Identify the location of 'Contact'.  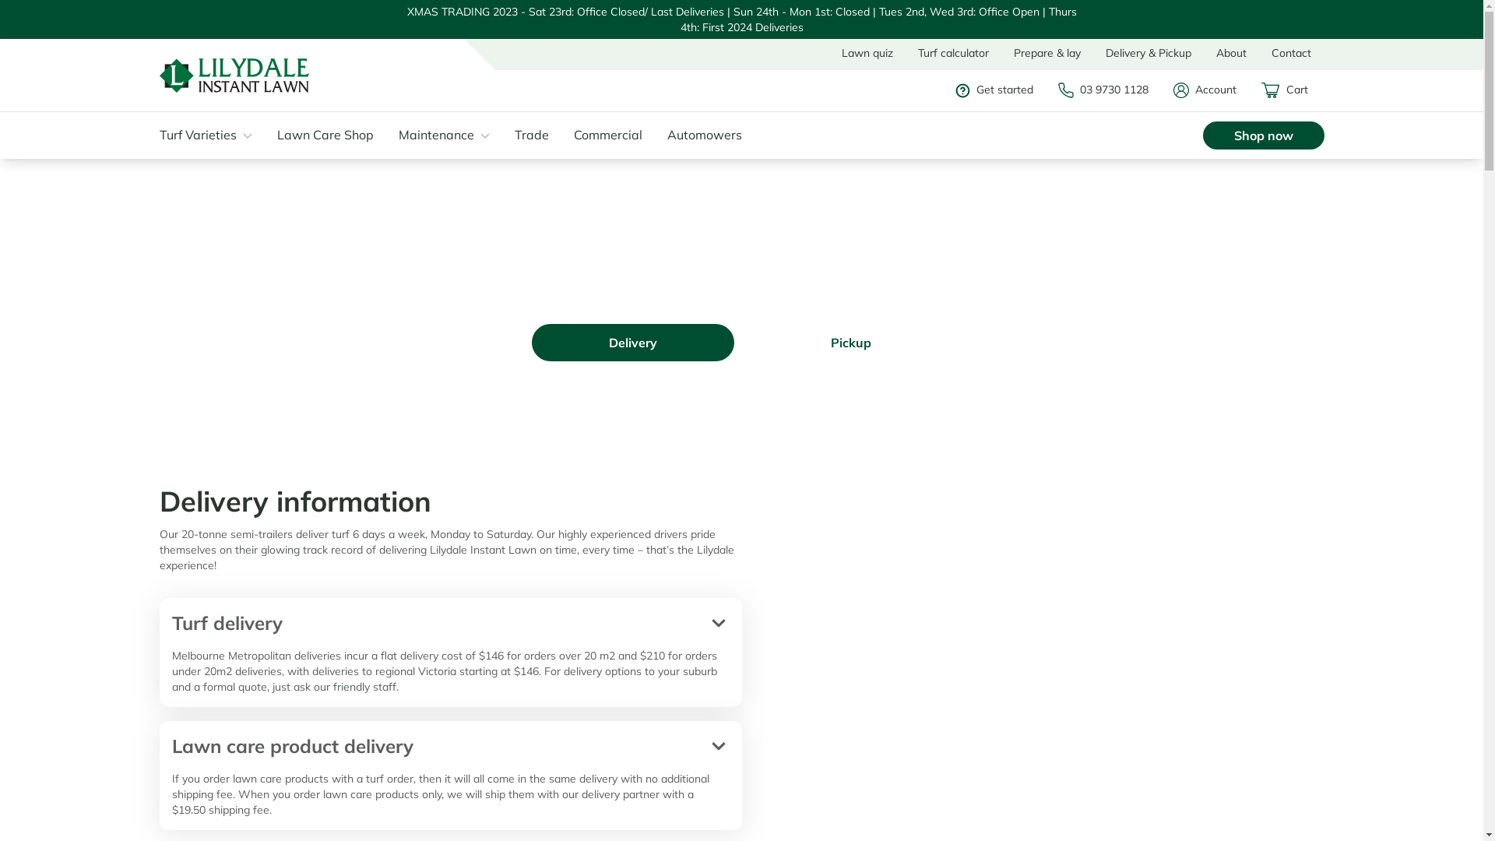
(1259, 52).